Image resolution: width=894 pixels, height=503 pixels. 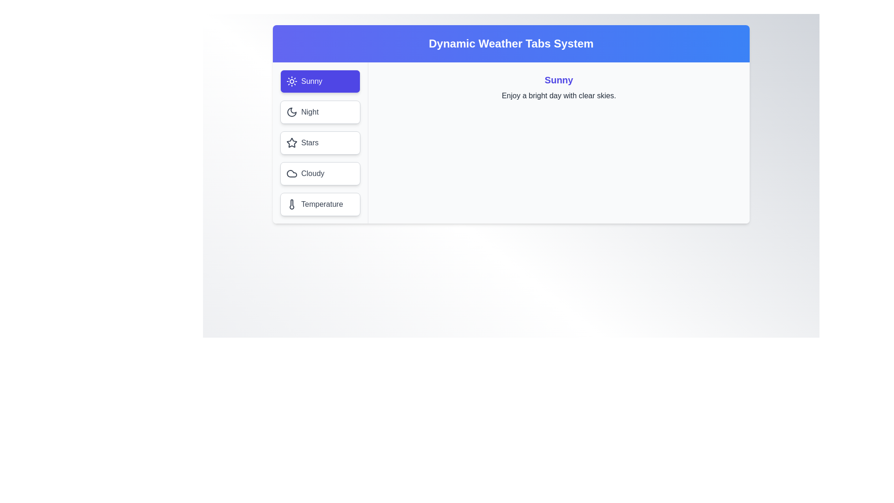 I want to click on the tab corresponding to the weather condition Sunny to view its content, so click(x=319, y=81).